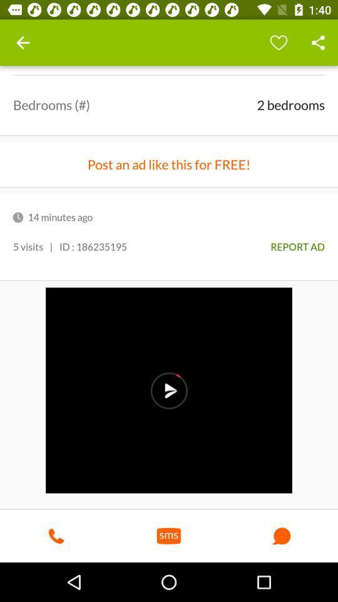  Describe the element at coordinates (281, 535) in the screenshot. I see `the button which is on right side of sms button` at that location.